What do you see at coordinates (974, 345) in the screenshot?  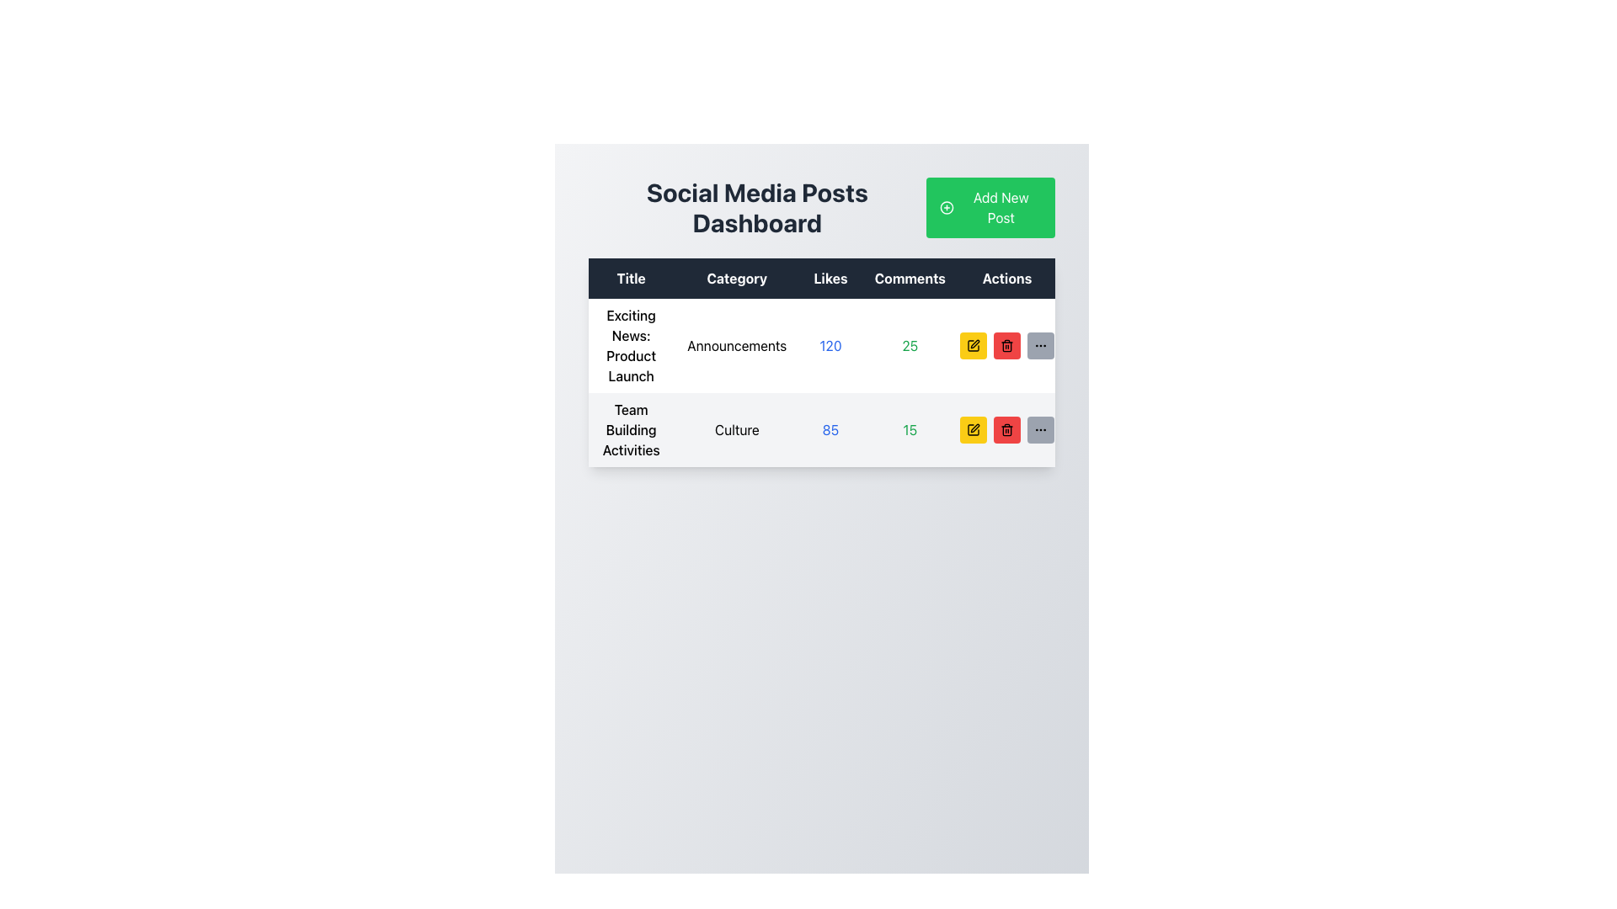 I see `the yellow square-shaped button with a black border and a pen icon located in the 'Actions' column of the second row in the table` at bounding box center [974, 345].